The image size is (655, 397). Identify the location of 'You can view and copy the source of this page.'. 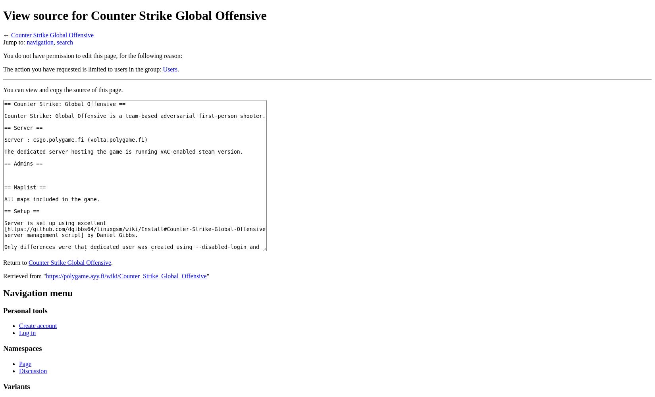
(63, 89).